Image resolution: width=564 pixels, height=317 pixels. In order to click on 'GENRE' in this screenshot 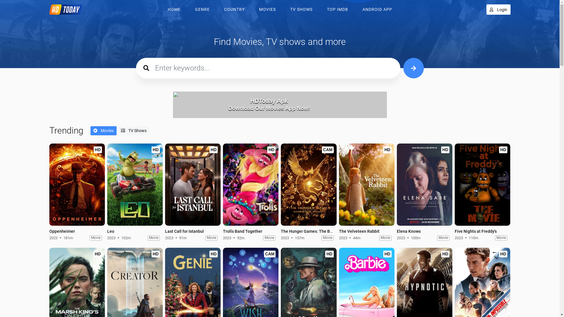, I will do `click(202, 9)`.